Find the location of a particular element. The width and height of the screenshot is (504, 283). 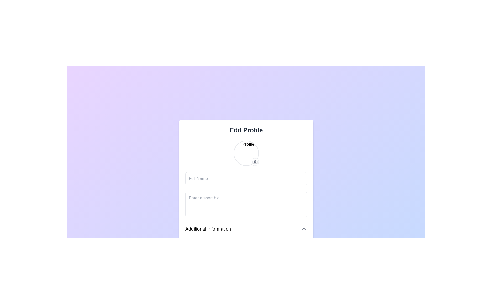

the chevron-shaped button styled in gray, located adjacent to the 'Additional Information' text is located at coordinates (304, 228).